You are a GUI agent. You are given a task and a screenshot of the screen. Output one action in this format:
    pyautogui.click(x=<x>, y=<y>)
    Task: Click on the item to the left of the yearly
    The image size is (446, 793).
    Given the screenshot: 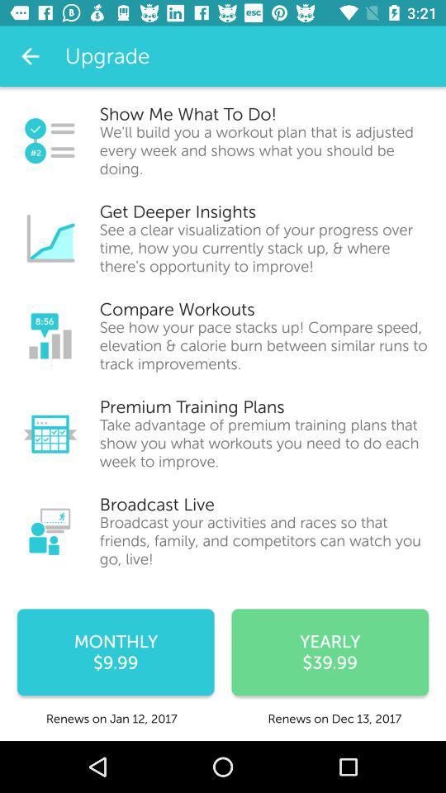 What is the action you would take?
    pyautogui.click(x=115, y=652)
    